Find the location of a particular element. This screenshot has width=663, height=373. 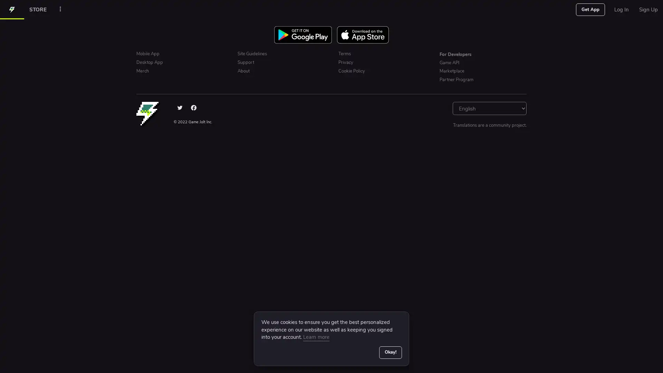

Sign Up is located at coordinates (331, 225).